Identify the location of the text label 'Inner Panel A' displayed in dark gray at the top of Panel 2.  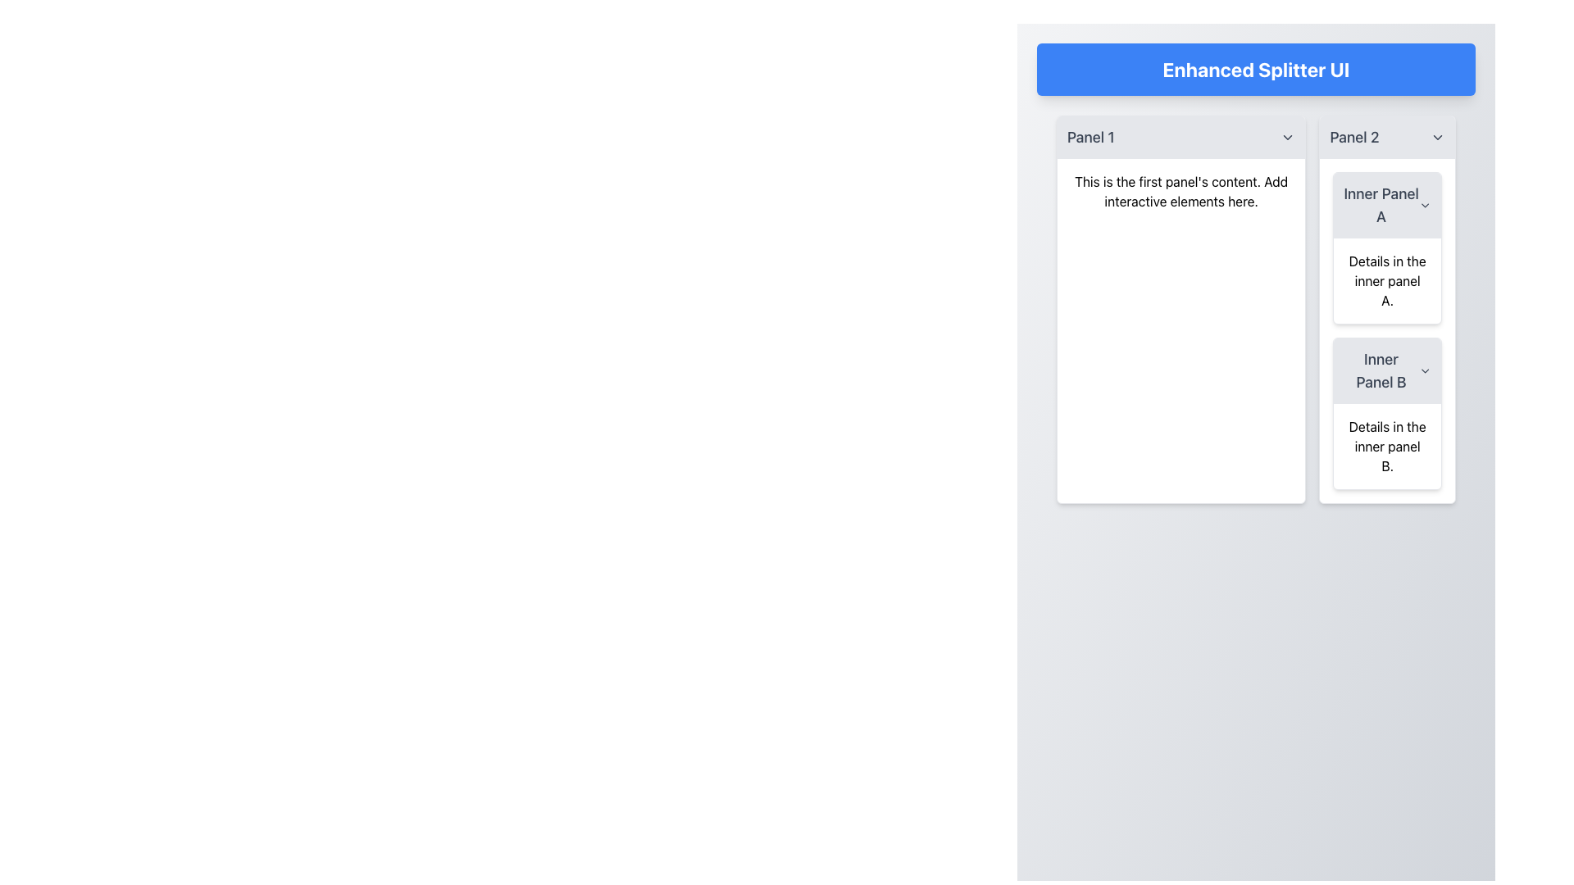
(1380, 204).